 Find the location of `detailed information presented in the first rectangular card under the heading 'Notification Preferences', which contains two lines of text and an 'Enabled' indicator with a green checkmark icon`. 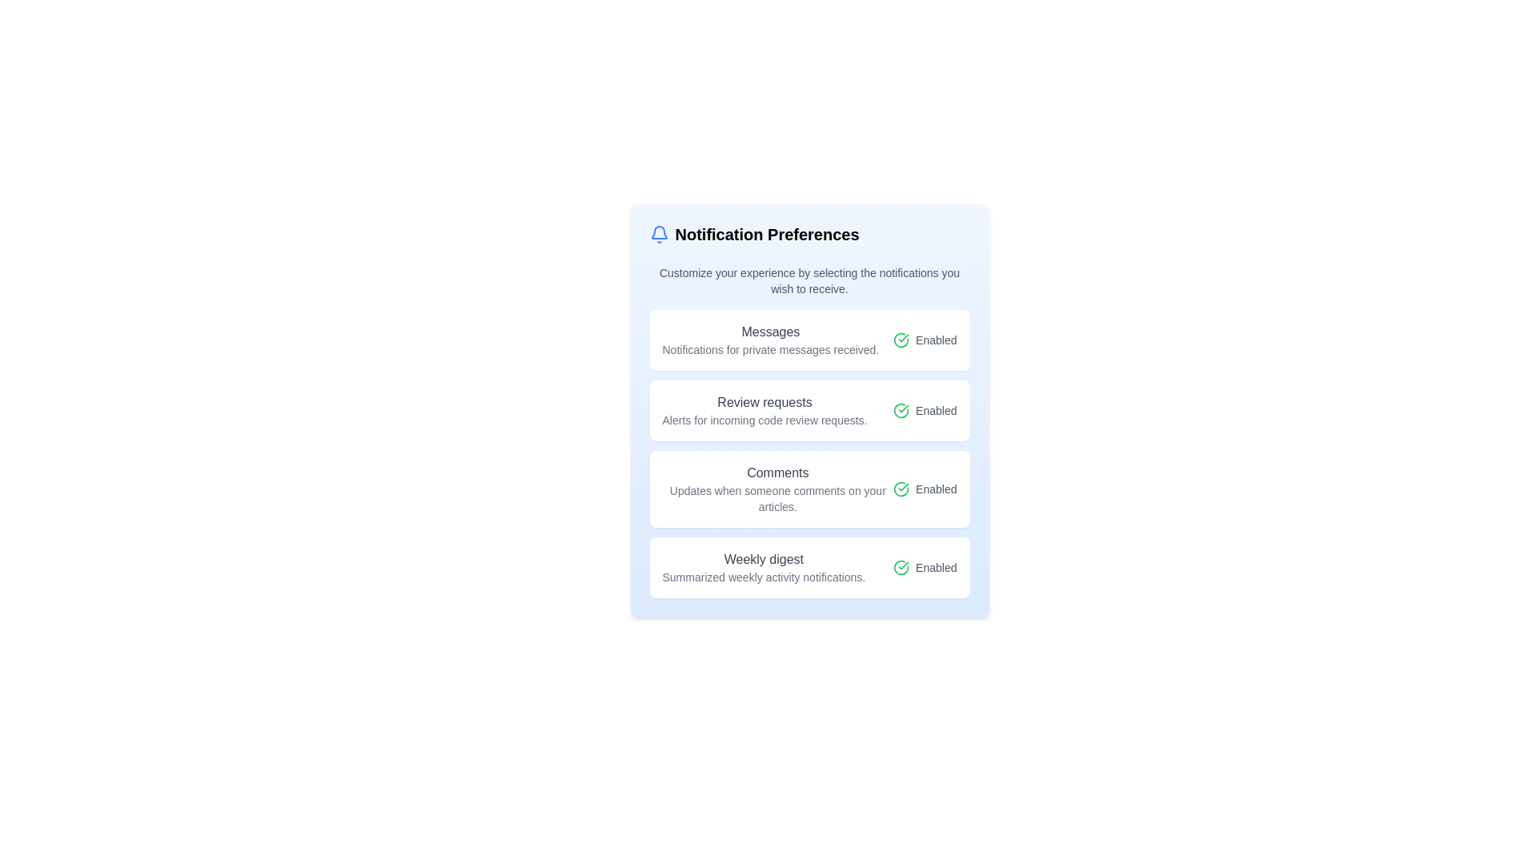

detailed information presented in the first rectangular card under the heading 'Notification Preferences', which contains two lines of text and an 'Enabled' indicator with a green checkmark icon is located at coordinates (809, 339).